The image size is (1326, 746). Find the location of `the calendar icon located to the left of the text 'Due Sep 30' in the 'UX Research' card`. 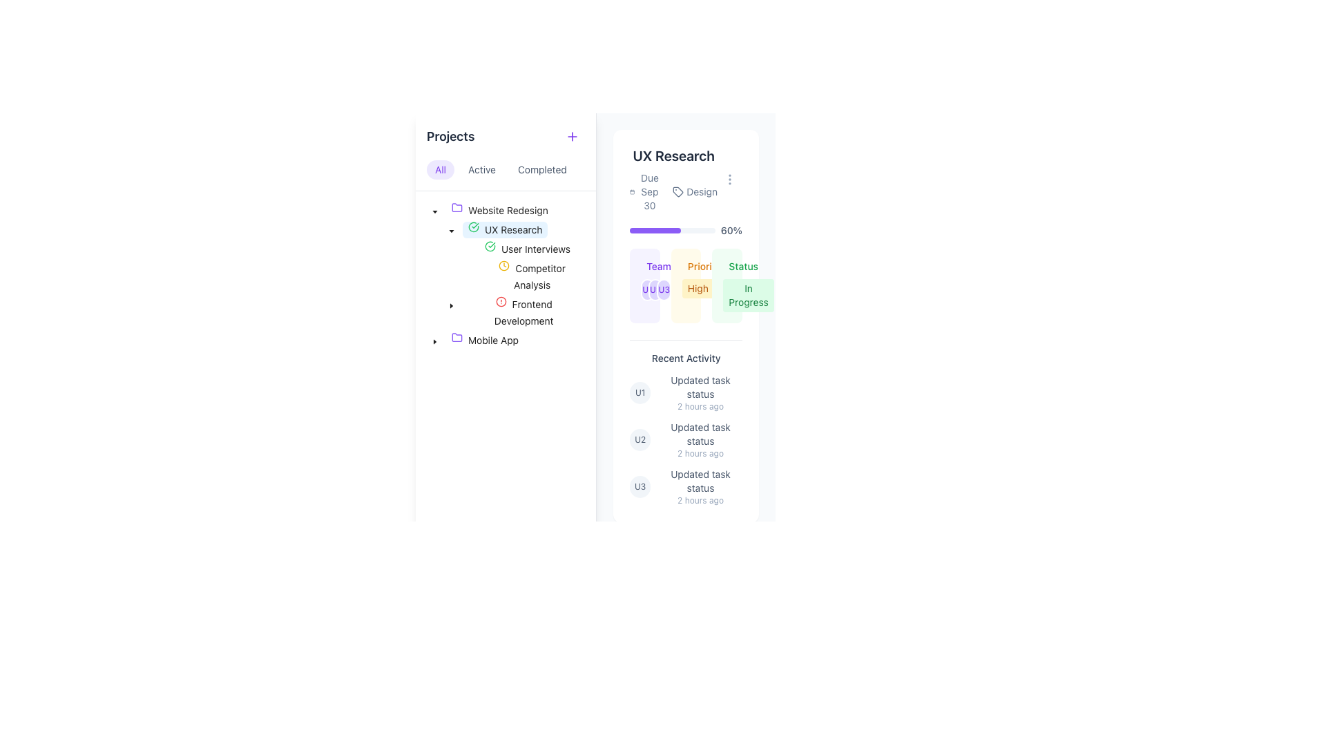

the calendar icon located to the left of the text 'Due Sep 30' in the 'UX Research' card is located at coordinates (632, 191).